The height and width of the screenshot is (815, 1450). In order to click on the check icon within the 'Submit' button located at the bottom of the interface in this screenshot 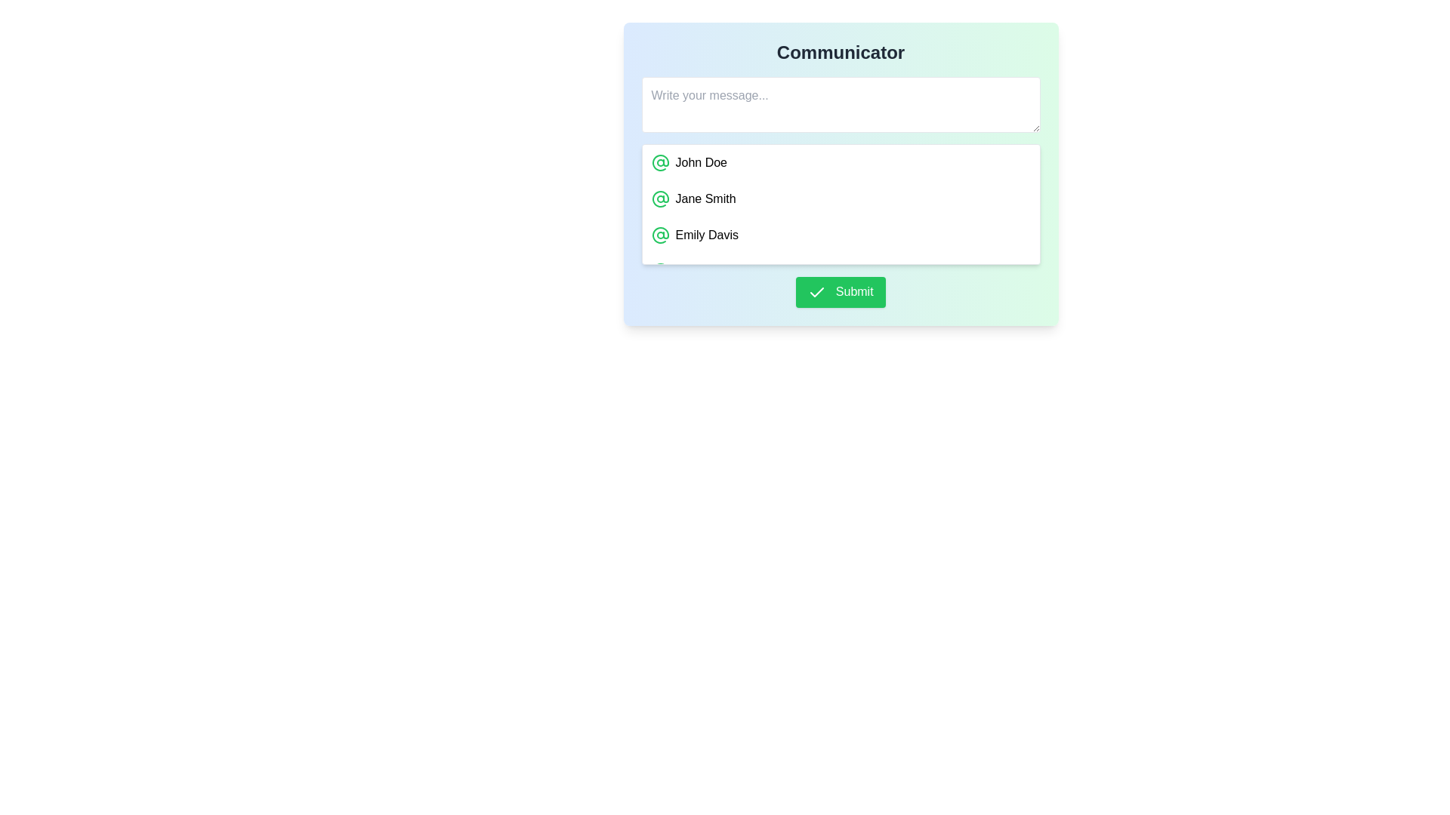, I will do `click(816, 292)`.